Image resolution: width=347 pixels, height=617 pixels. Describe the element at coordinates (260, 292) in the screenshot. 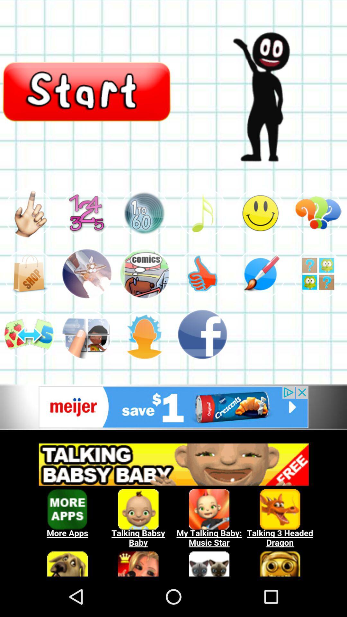

I see `the edit icon` at that location.